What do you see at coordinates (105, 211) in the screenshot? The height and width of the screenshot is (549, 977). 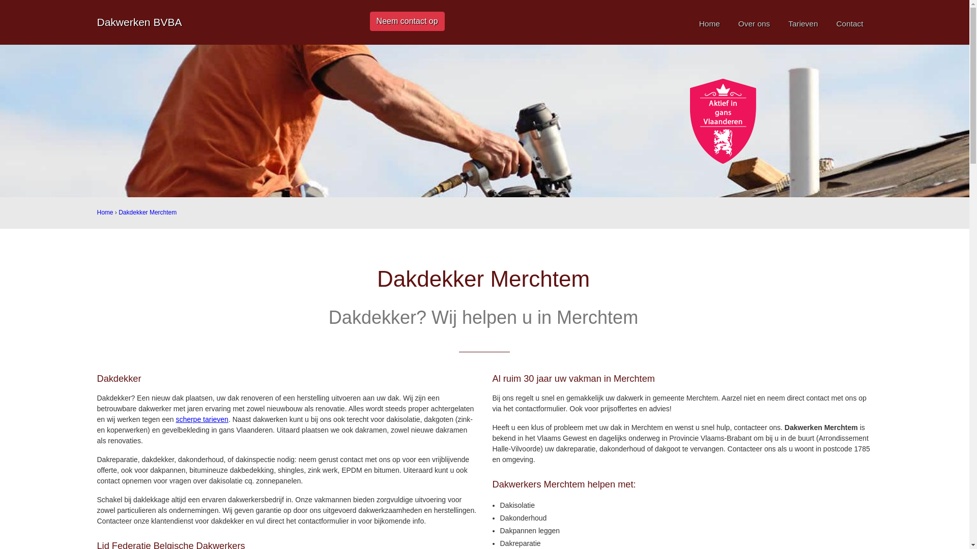 I see `'Home'` at bounding box center [105, 211].